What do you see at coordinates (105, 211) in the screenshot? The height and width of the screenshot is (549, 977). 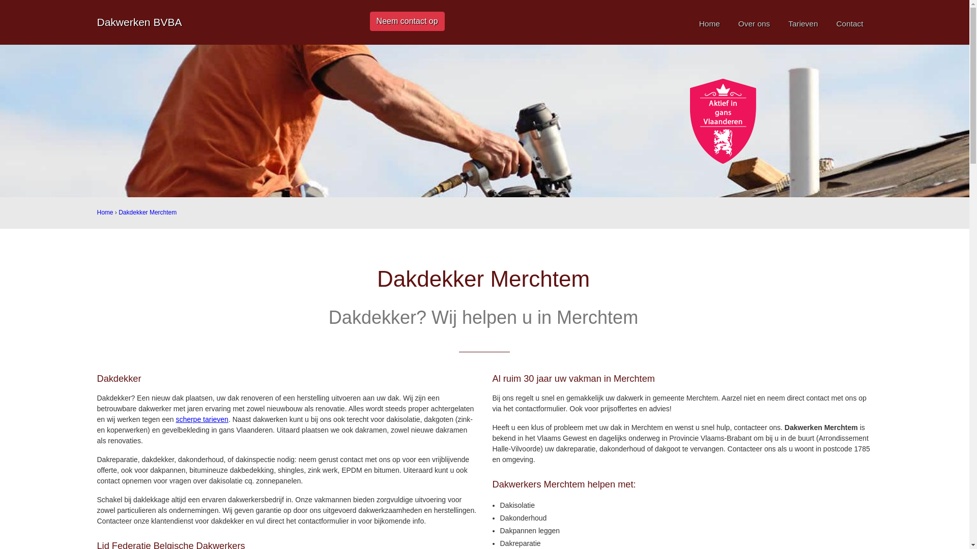 I see `'Home'` at bounding box center [105, 211].